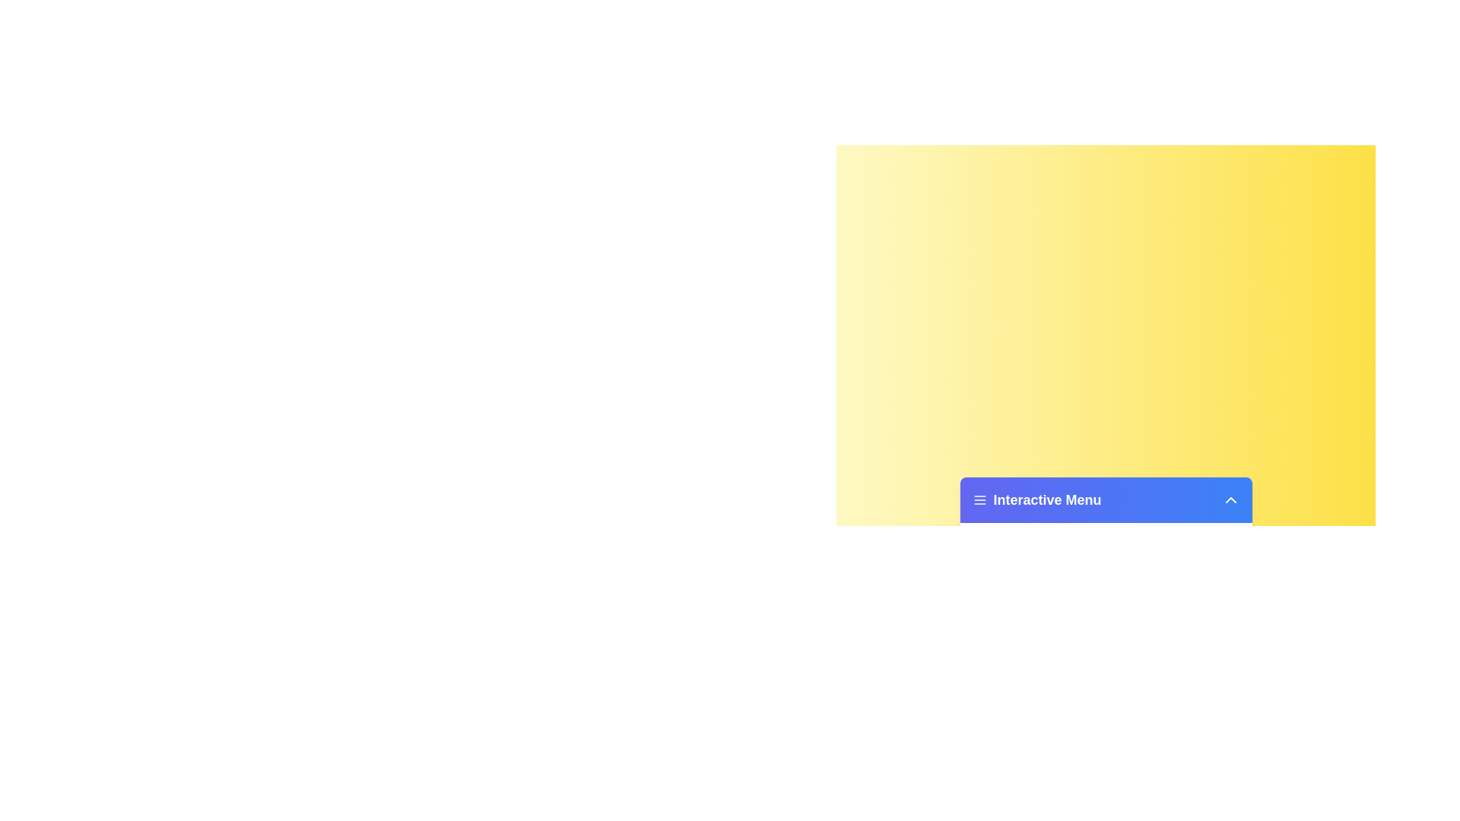 Image resolution: width=1460 pixels, height=821 pixels. Describe the element at coordinates (1230, 500) in the screenshot. I see `the toggle button to toggle the menu visibility` at that location.